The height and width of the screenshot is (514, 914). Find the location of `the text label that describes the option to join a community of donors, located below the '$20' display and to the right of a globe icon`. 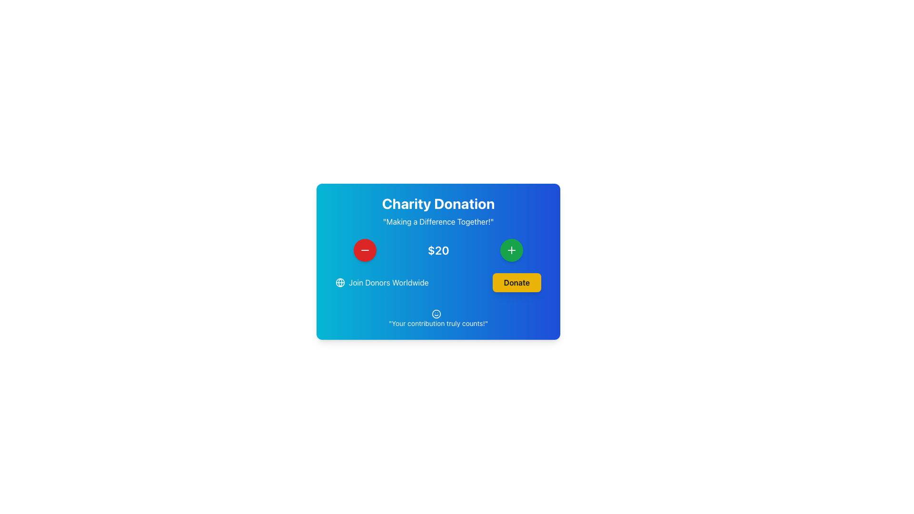

the text label that describes the option to join a community of donors, located below the '$20' display and to the right of a globe icon is located at coordinates (388, 282).